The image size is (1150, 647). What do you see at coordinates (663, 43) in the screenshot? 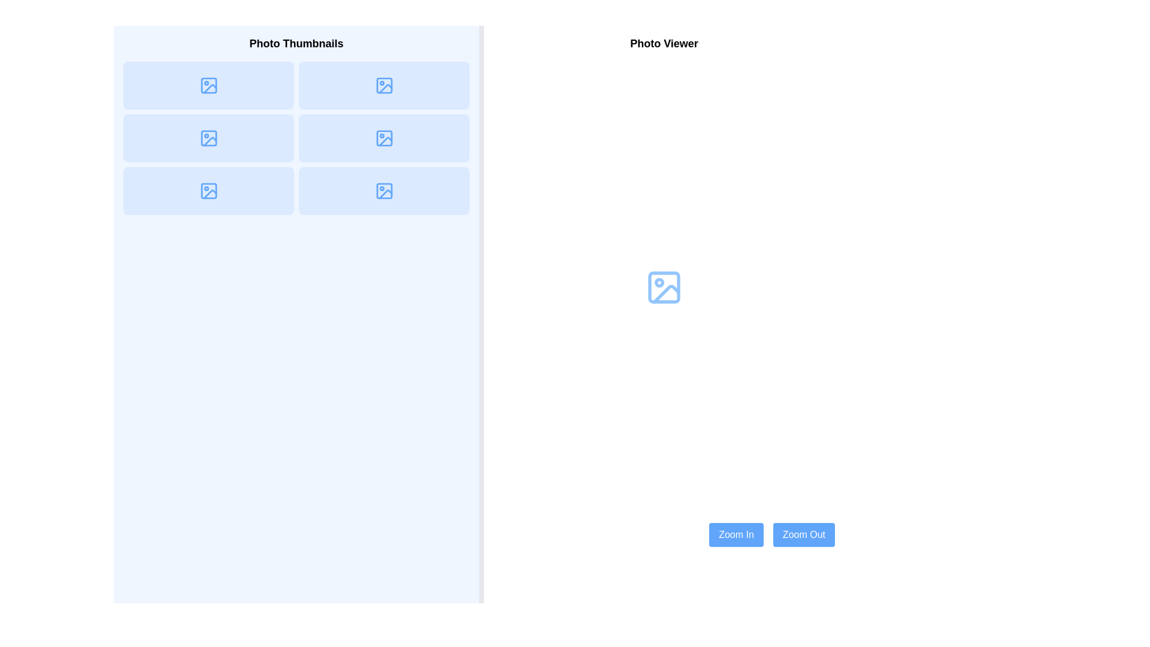
I see `the static text header displaying 'Photo Viewer', which is a large, bold font text centered at the top of the main content area` at bounding box center [663, 43].